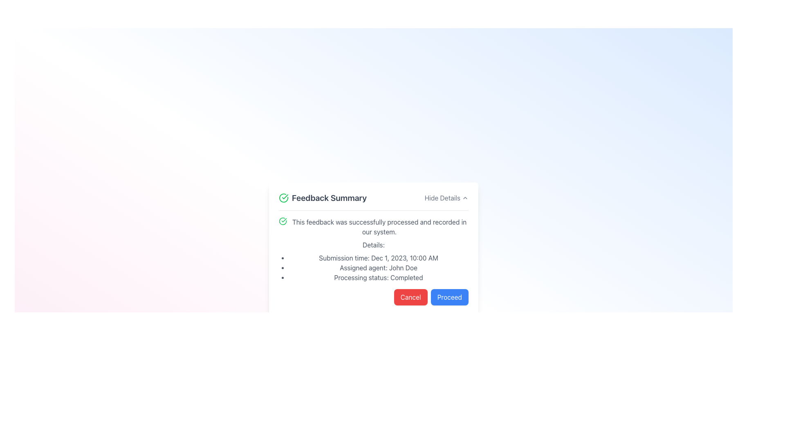 Image resolution: width=785 pixels, height=441 pixels. Describe the element at coordinates (322, 198) in the screenshot. I see `the 'Feedback Summary' text element with a green circular checkmark icon, which is aligned horizontally and positioned at the top left of the feedback display card` at that location.